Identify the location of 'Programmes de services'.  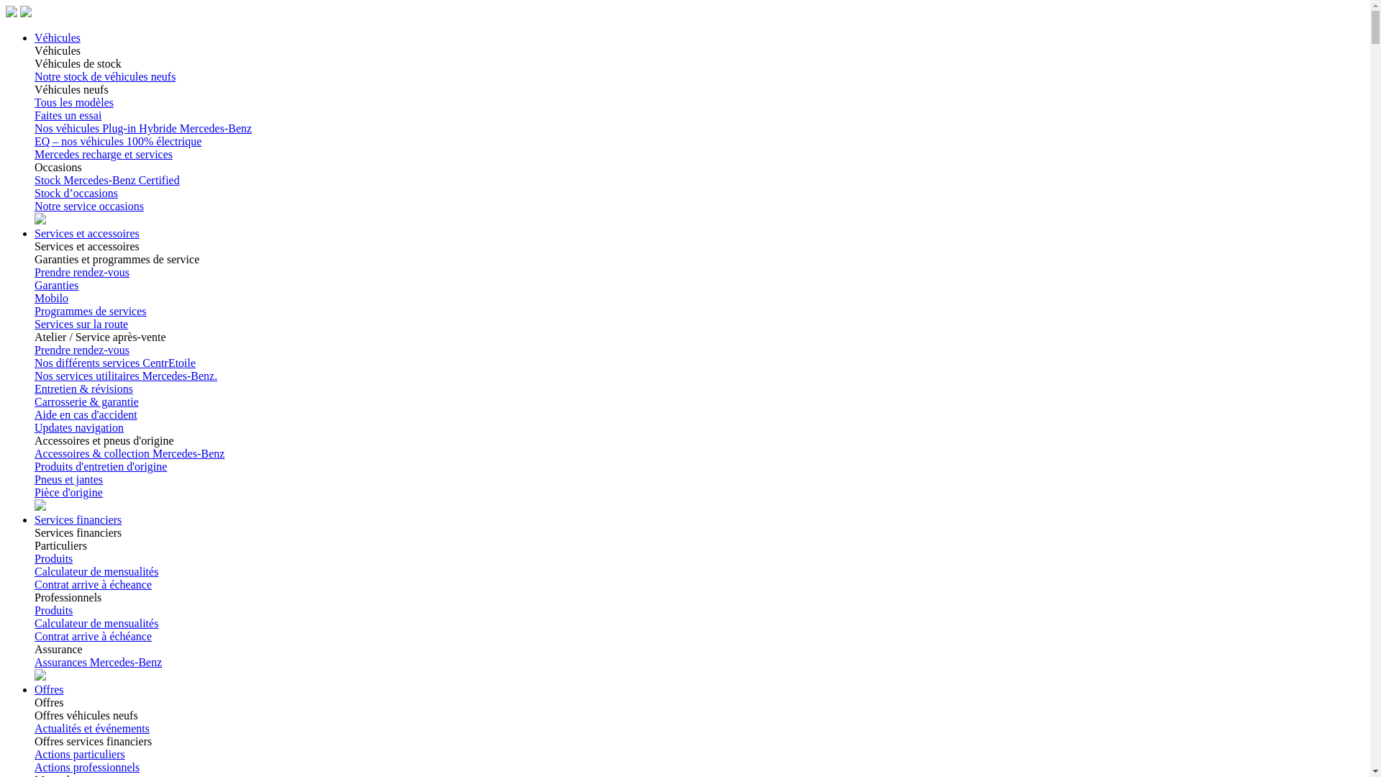
(35, 310).